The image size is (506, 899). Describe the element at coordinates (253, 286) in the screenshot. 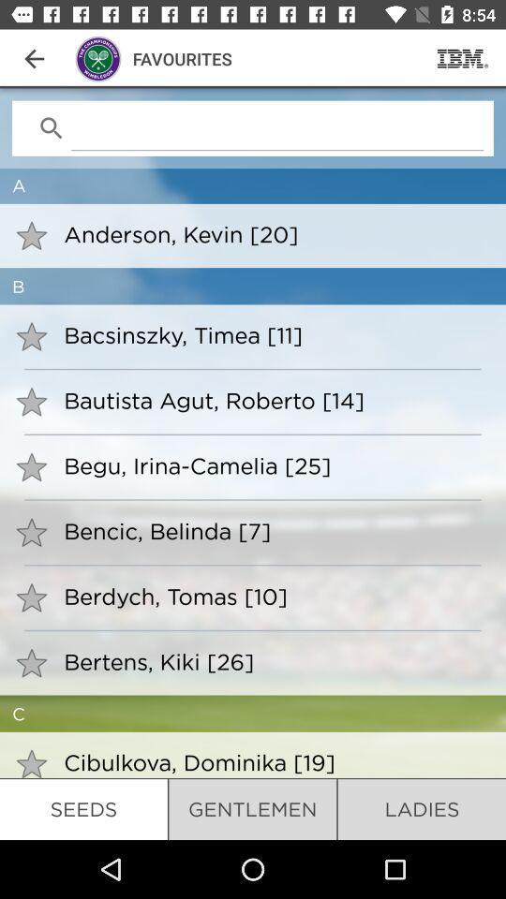

I see `the b` at that location.